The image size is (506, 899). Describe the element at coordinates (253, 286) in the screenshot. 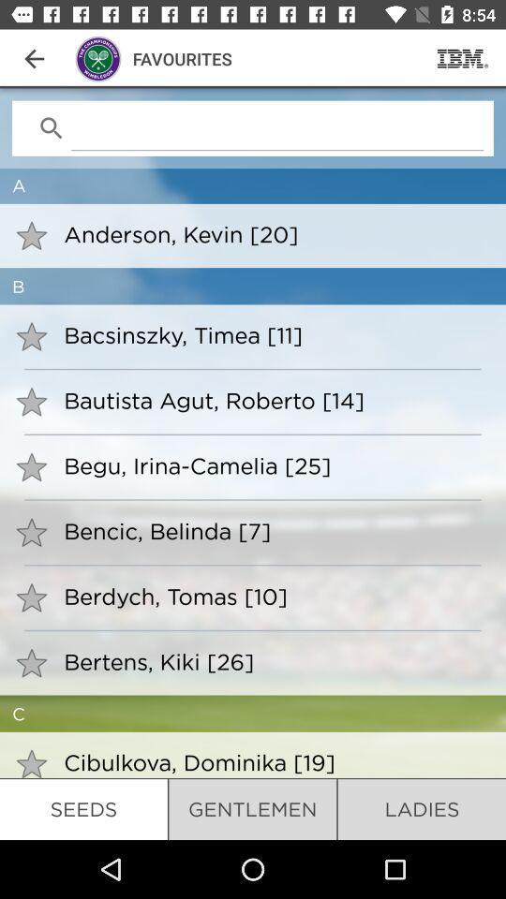

I see `the b` at that location.